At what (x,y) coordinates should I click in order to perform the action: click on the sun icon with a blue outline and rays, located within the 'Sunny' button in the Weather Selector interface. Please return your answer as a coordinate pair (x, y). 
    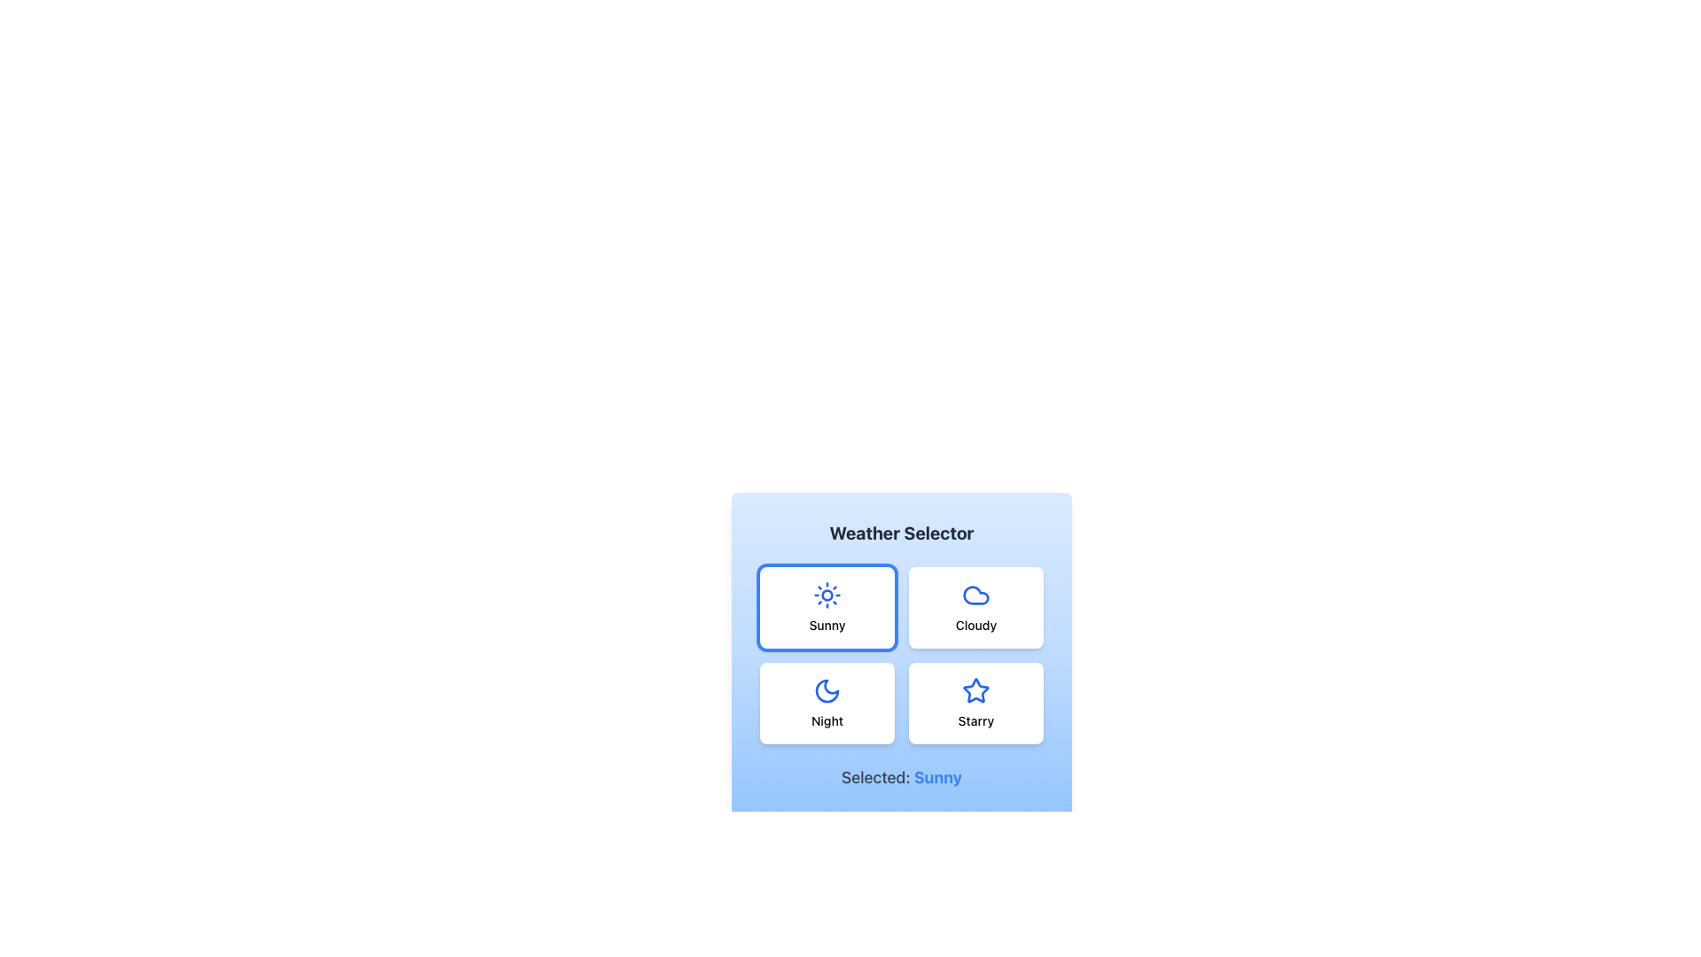
    Looking at the image, I should click on (827, 595).